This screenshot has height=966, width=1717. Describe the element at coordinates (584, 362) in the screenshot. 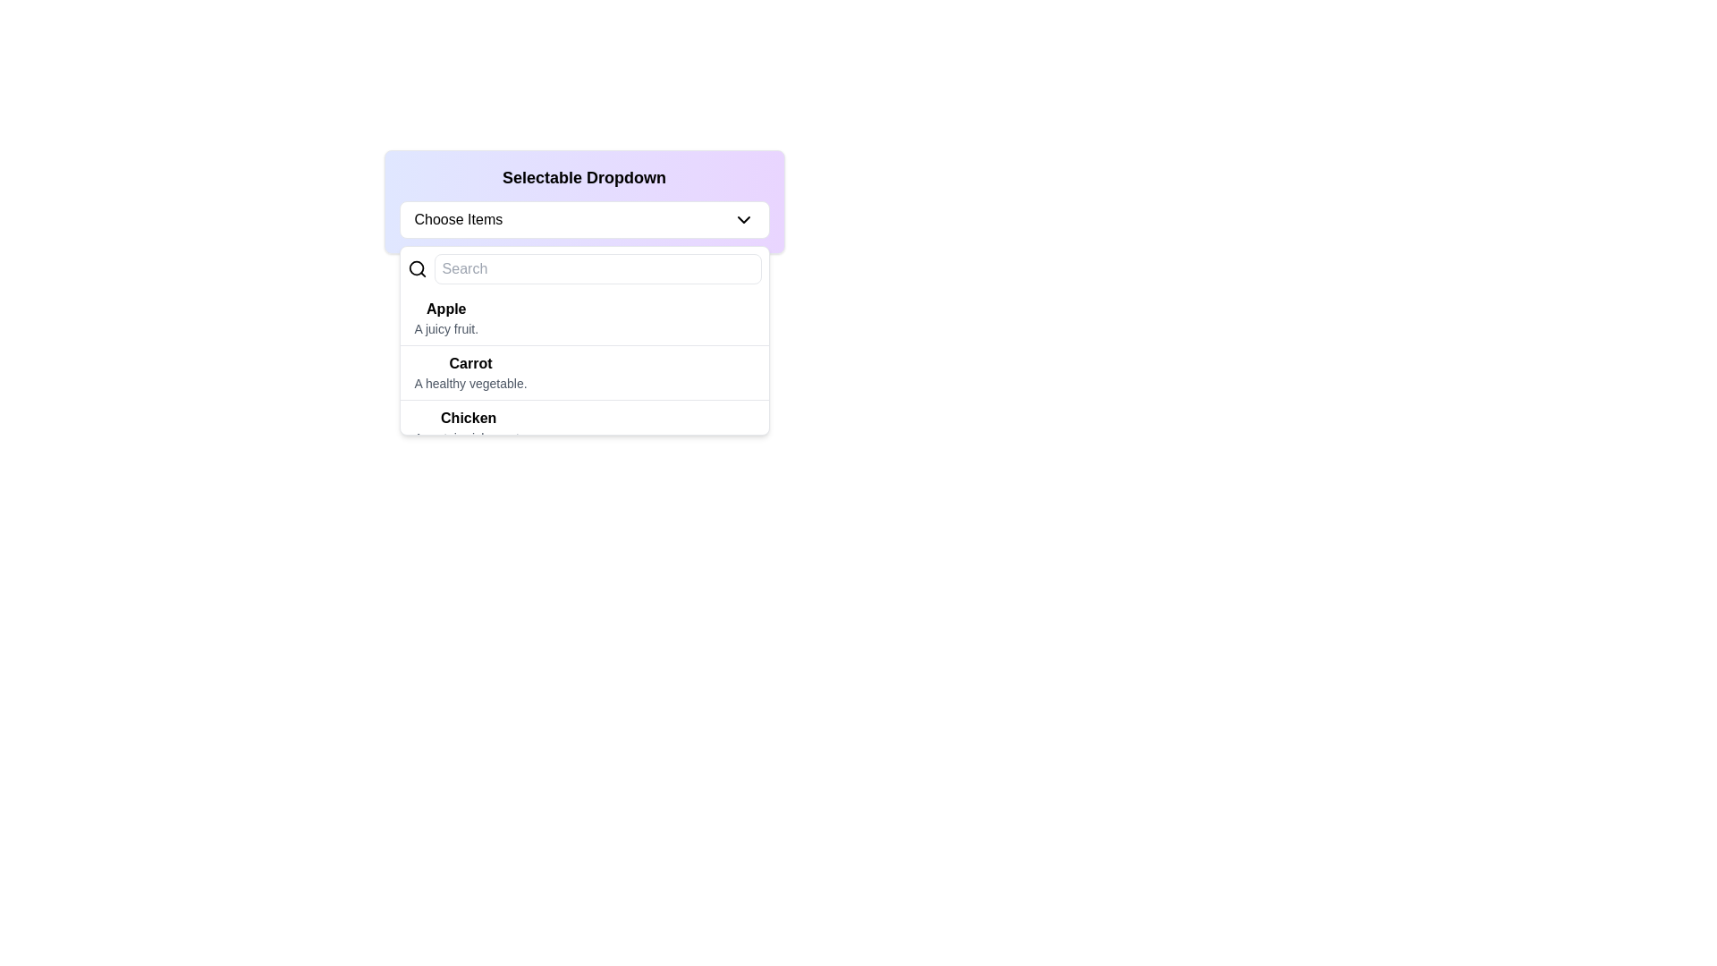

I see `the second entry in the dropdown menu, which is a selectable option positioned between 'Apple' and 'Chicken'` at that location.